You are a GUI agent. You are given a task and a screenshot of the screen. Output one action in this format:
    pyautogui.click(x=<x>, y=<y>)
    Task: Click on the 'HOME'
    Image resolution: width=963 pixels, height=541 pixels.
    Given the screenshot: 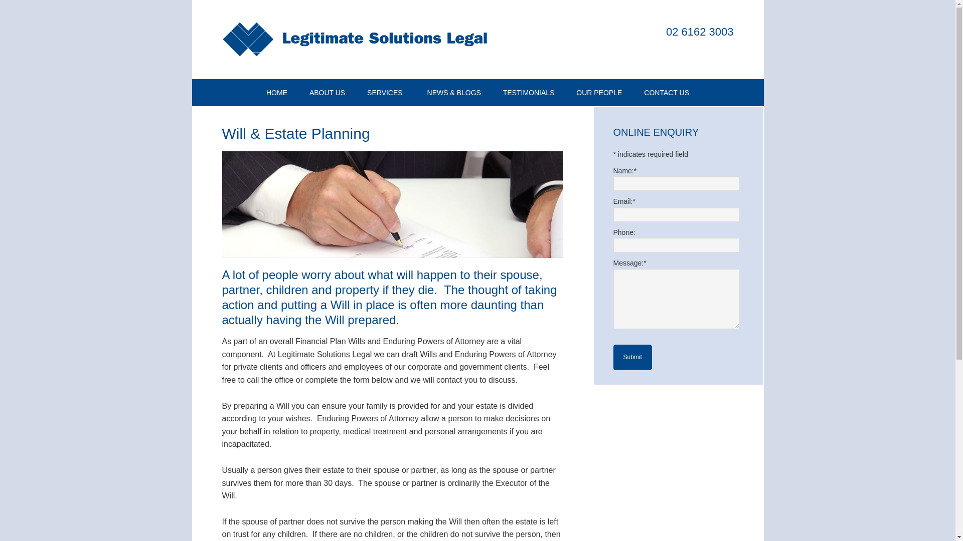 What is the action you would take?
    pyautogui.click(x=277, y=93)
    